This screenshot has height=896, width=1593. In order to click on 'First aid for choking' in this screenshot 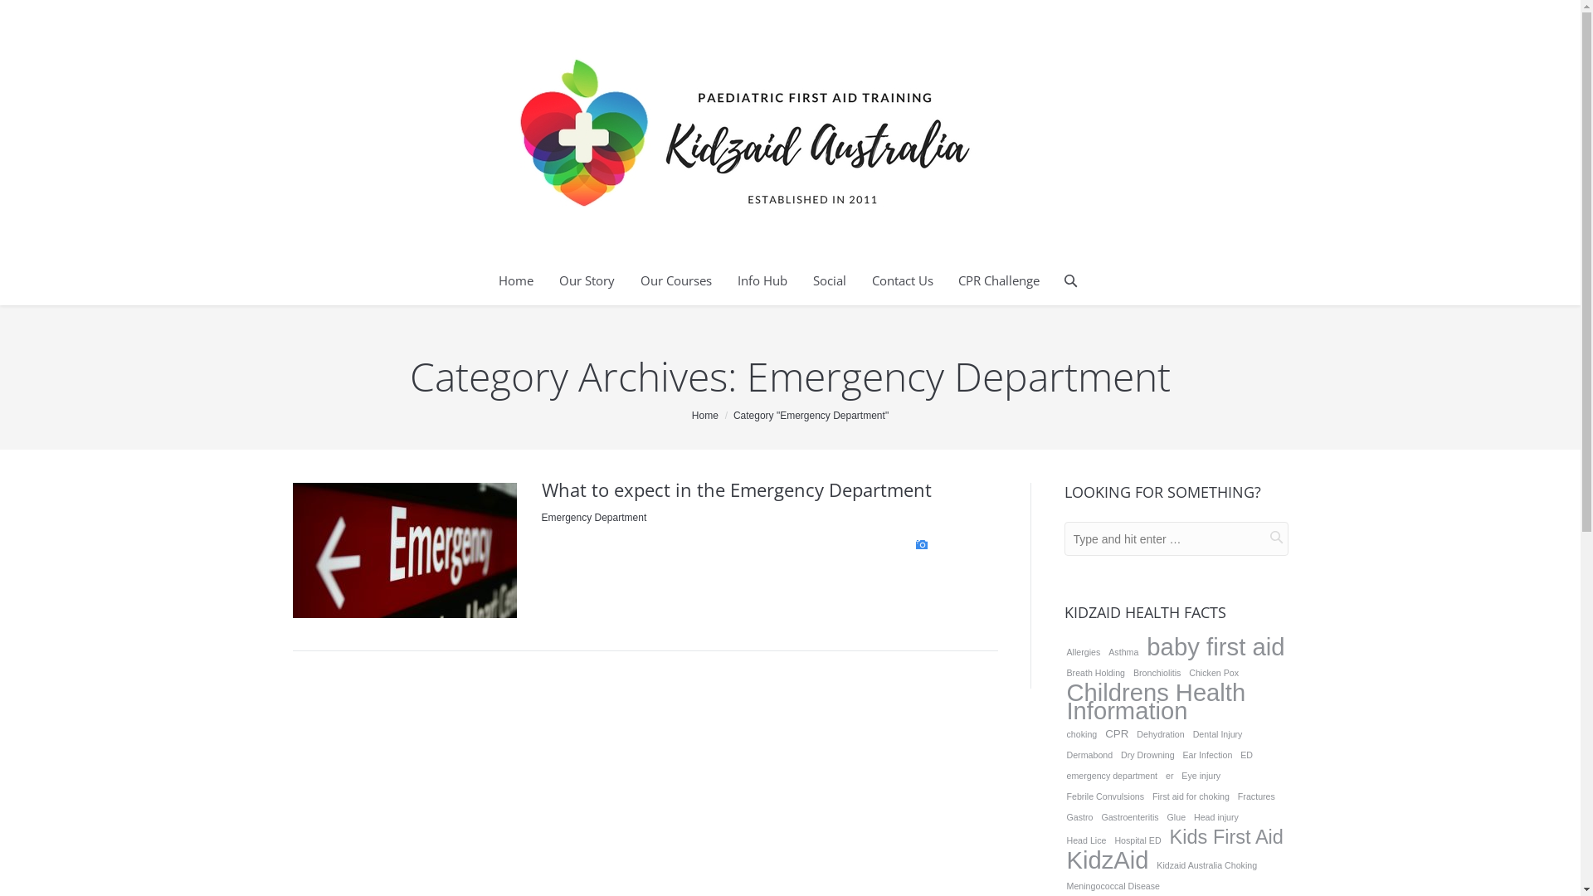, I will do `click(1190, 796)`.